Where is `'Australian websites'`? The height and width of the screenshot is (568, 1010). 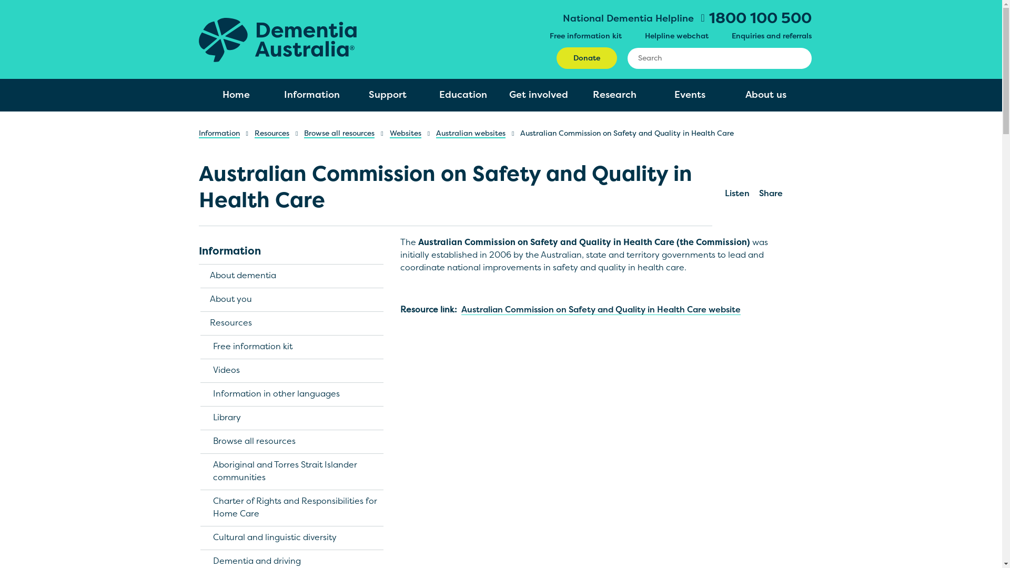 'Australian websites' is located at coordinates (470, 134).